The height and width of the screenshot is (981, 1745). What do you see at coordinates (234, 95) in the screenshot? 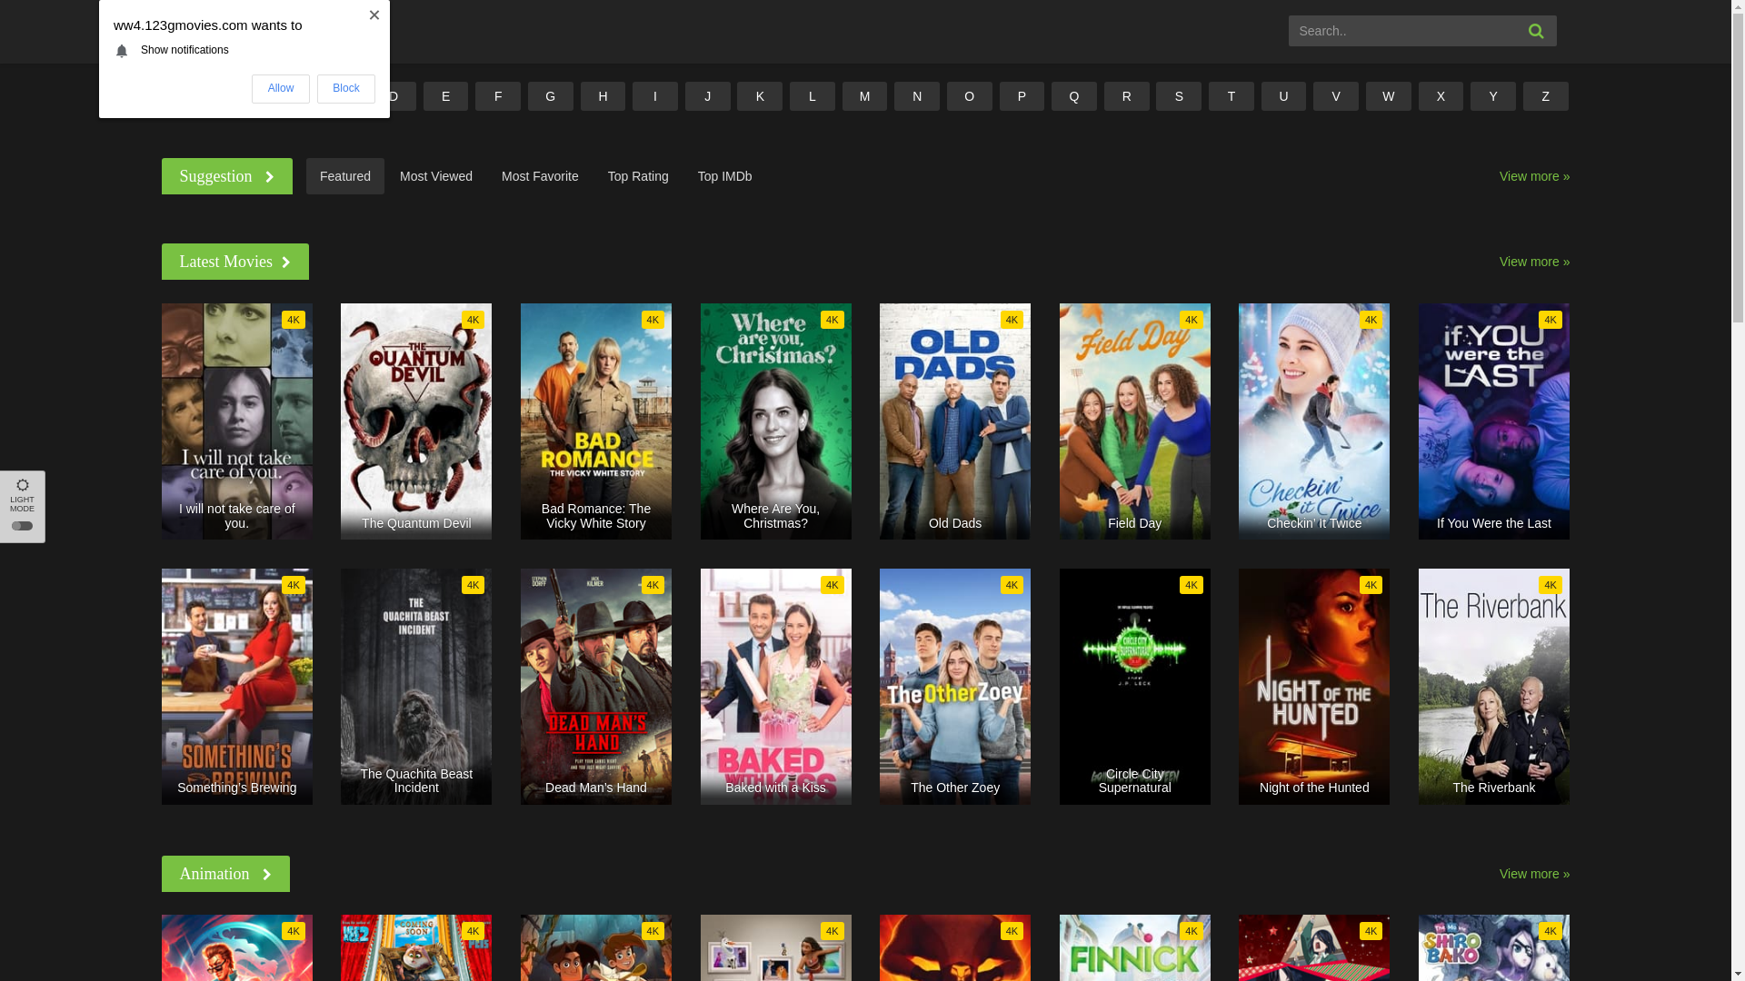
I see `'A'` at bounding box center [234, 95].